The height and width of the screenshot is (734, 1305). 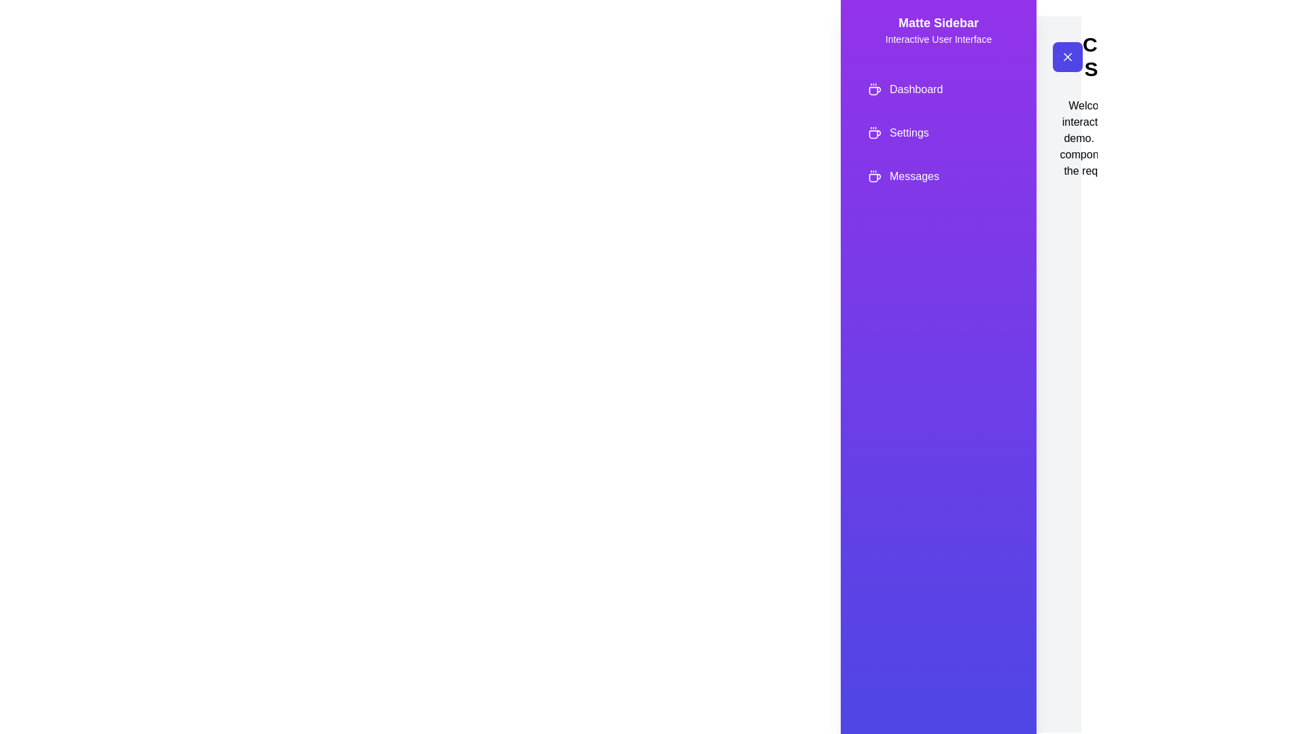 What do you see at coordinates (909, 133) in the screenshot?
I see `the 'Settings' text label styled in white against a purple background, located in the vertical navigation menu next to a cup icon` at bounding box center [909, 133].